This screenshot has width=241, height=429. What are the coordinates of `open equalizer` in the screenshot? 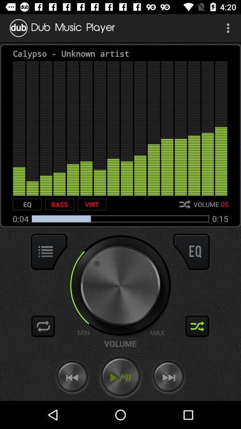 It's located at (191, 252).